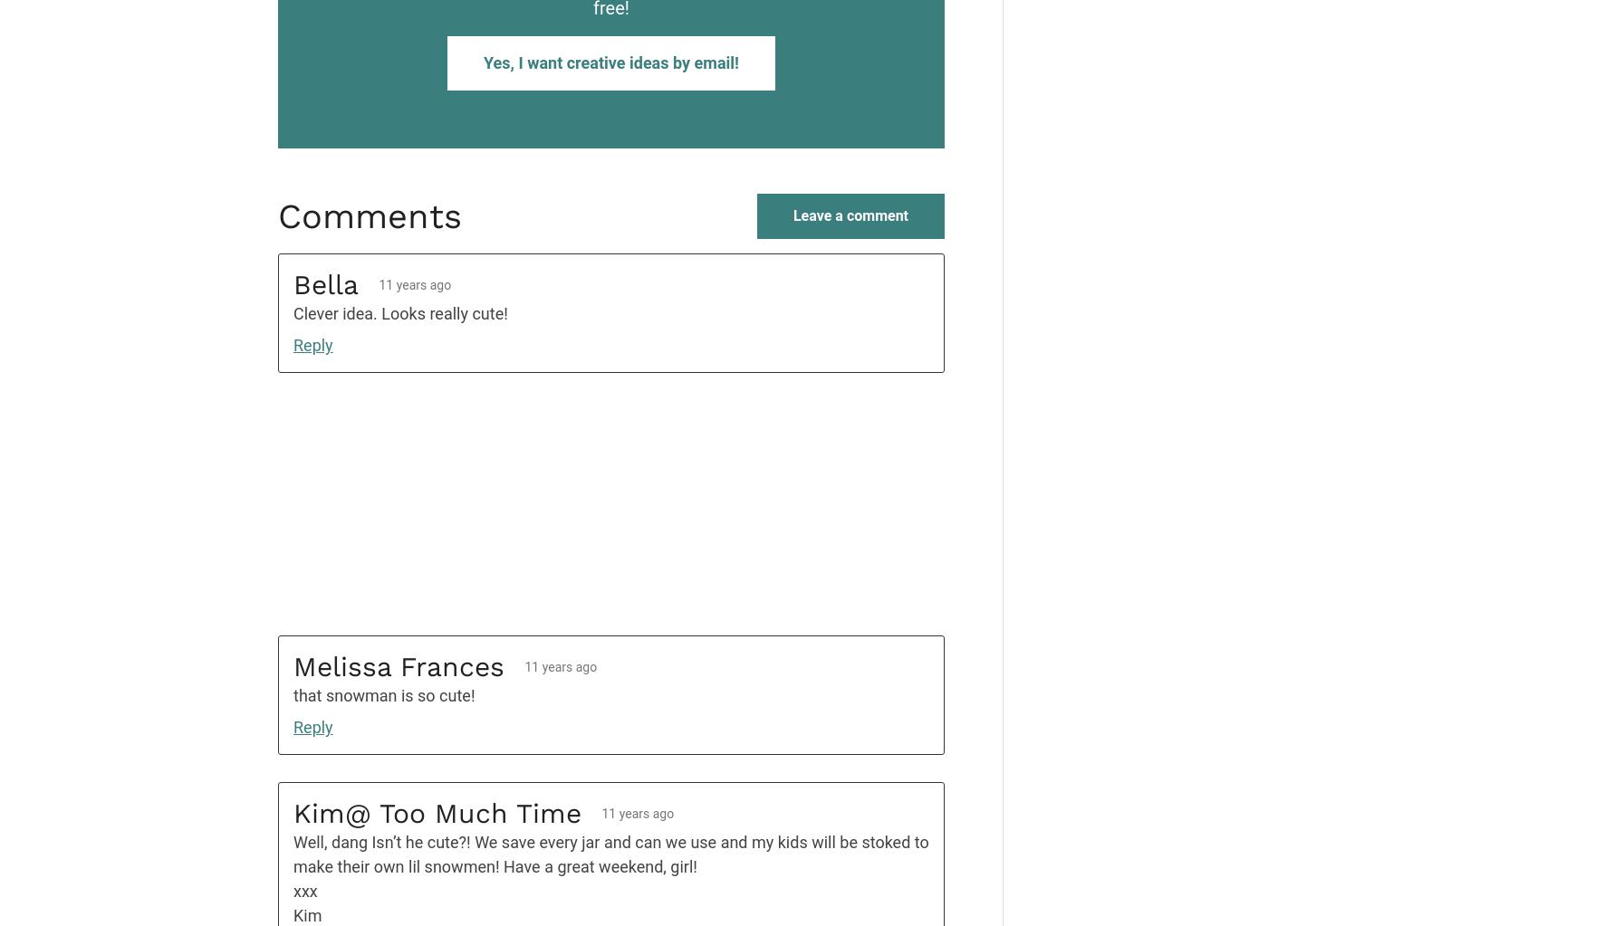 Image resolution: width=1614 pixels, height=926 pixels. What do you see at coordinates (306, 914) in the screenshot?
I see `'Kim'` at bounding box center [306, 914].